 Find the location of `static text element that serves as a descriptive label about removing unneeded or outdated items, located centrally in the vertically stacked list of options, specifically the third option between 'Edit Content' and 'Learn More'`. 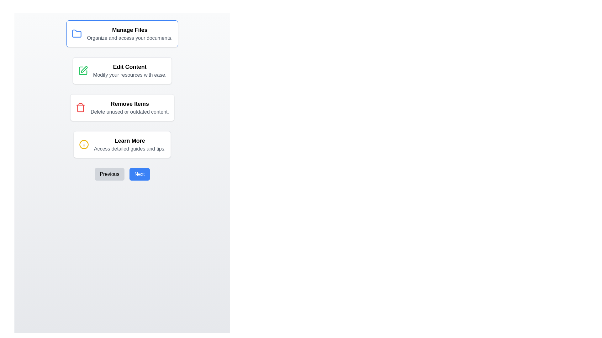

static text element that serves as a descriptive label about removing unneeded or outdated items, located centrally in the vertically stacked list of options, specifically the third option between 'Edit Content' and 'Learn More' is located at coordinates (129, 107).